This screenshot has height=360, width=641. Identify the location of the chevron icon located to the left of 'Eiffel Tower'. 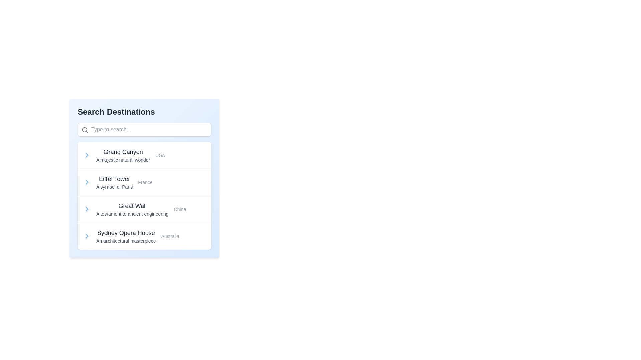
(86, 182).